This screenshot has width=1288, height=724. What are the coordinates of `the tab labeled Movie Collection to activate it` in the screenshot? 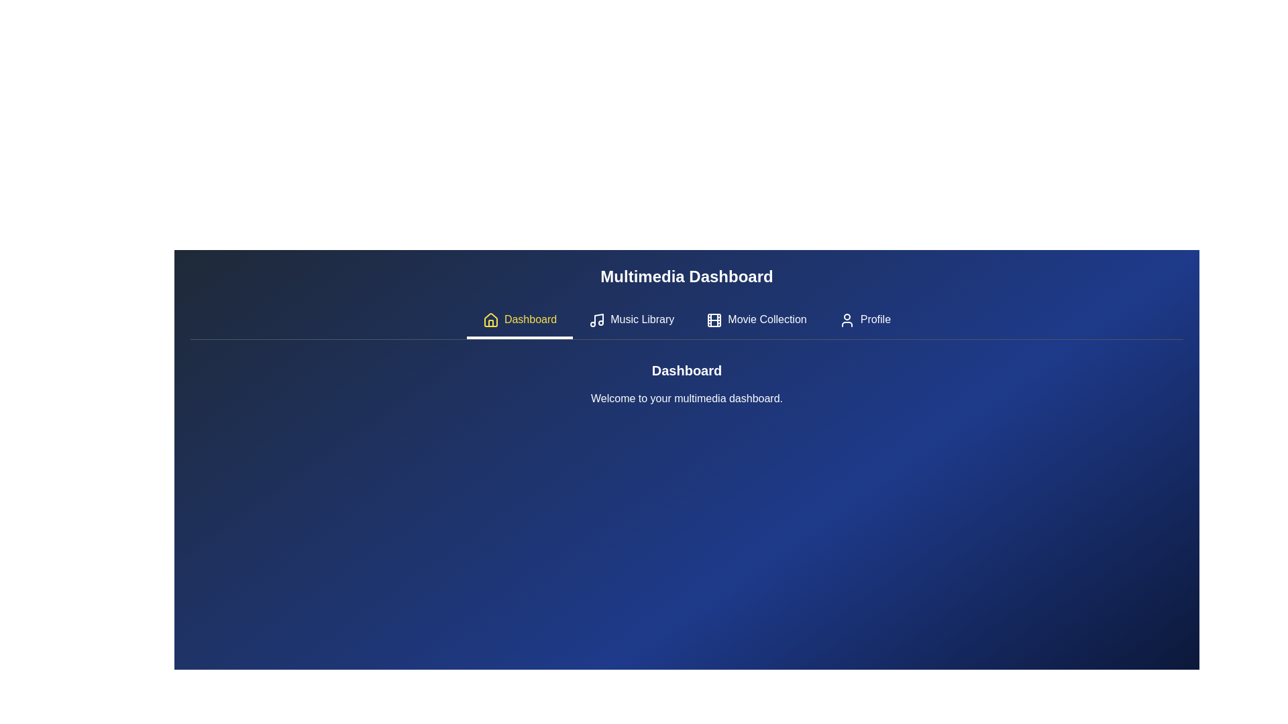 It's located at (757, 320).